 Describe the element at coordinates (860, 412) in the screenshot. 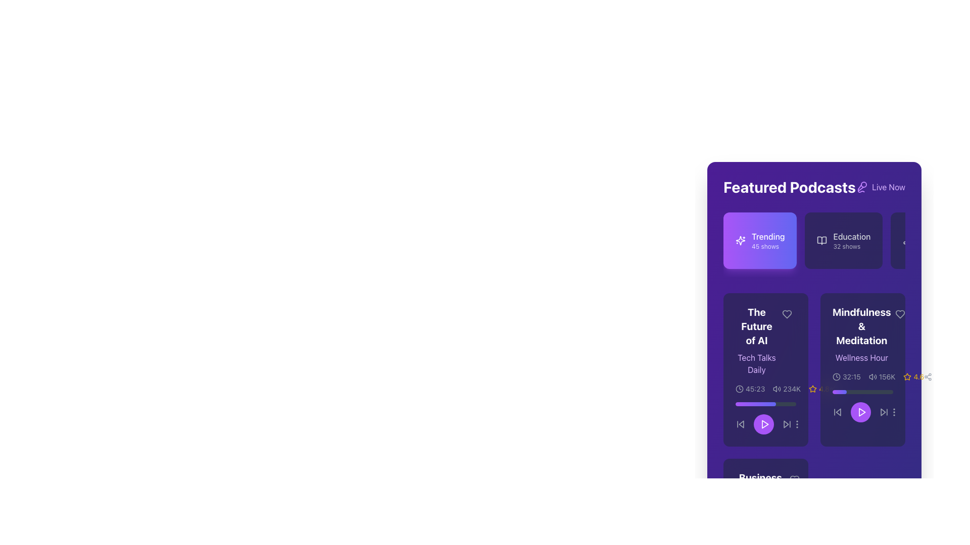

I see `the circular purple button with a white triangular play icon to play the media in the 'Mindfulness & Meditation' podcast card` at that location.